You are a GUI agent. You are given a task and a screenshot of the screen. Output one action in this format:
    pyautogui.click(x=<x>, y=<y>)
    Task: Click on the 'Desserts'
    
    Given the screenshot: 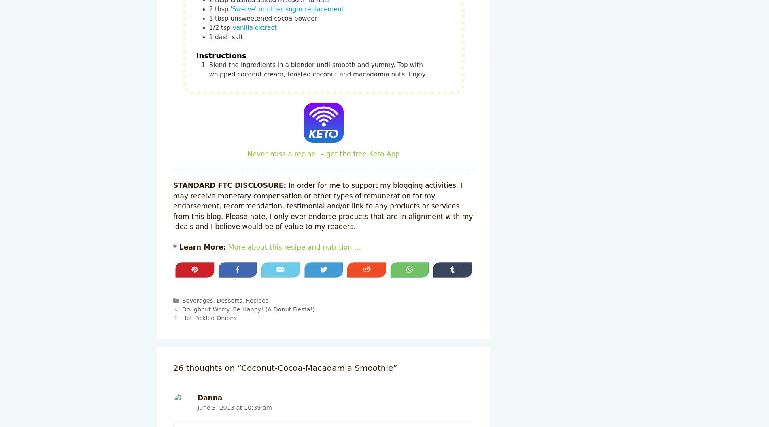 What is the action you would take?
    pyautogui.click(x=217, y=300)
    